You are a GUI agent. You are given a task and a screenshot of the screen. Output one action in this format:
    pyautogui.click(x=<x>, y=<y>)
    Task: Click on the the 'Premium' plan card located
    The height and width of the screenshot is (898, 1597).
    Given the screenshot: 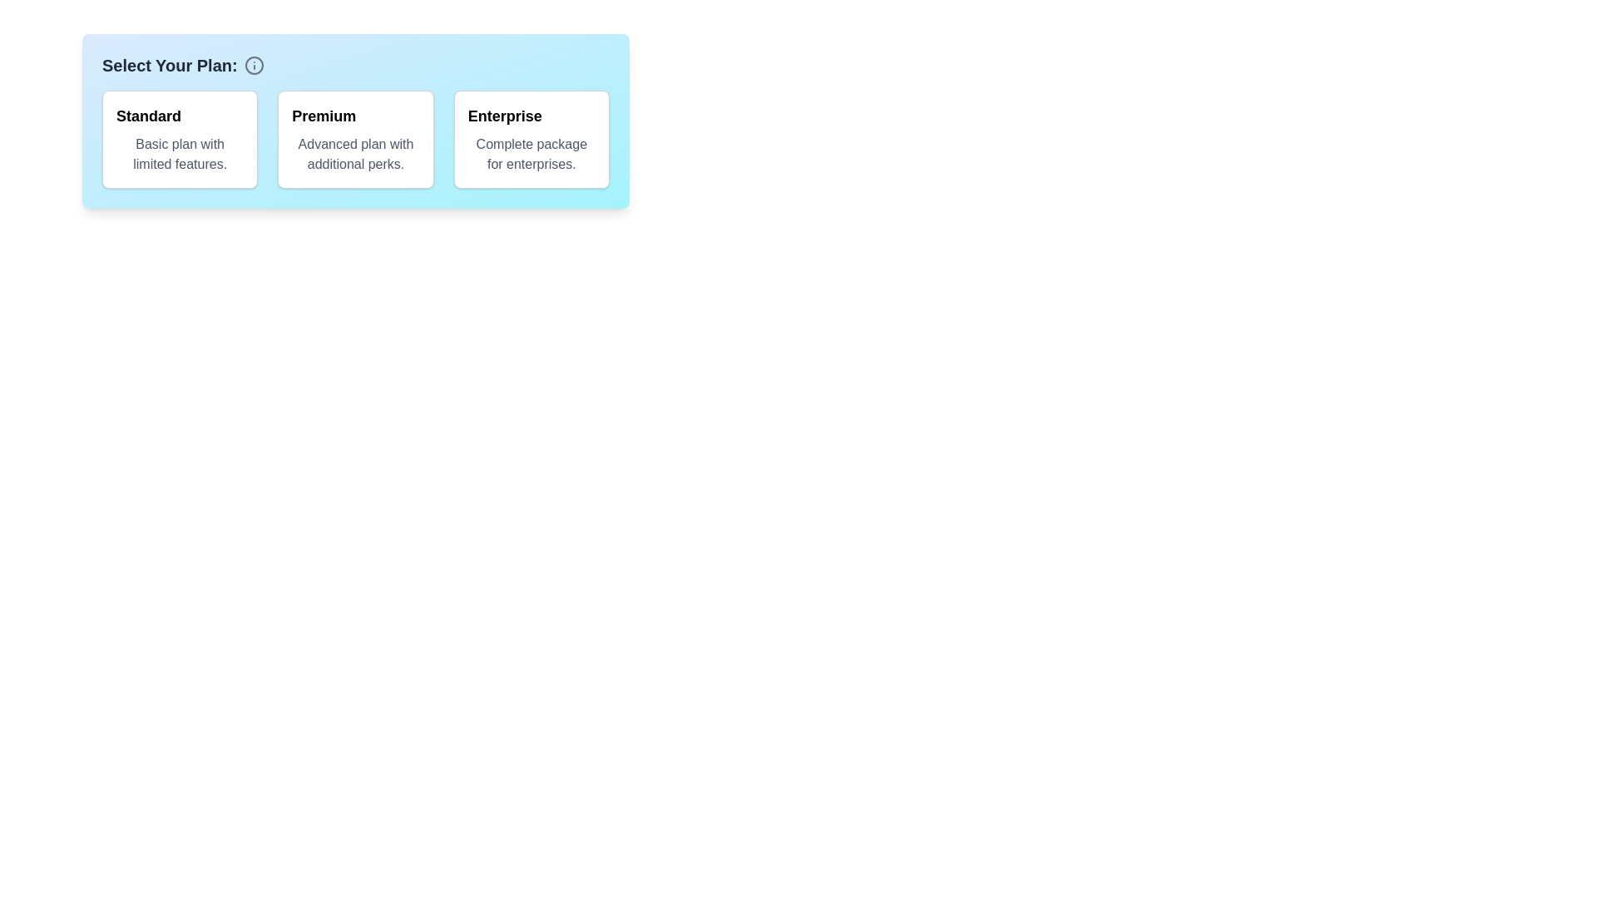 What is the action you would take?
    pyautogui.click(x=354, y=139)
    